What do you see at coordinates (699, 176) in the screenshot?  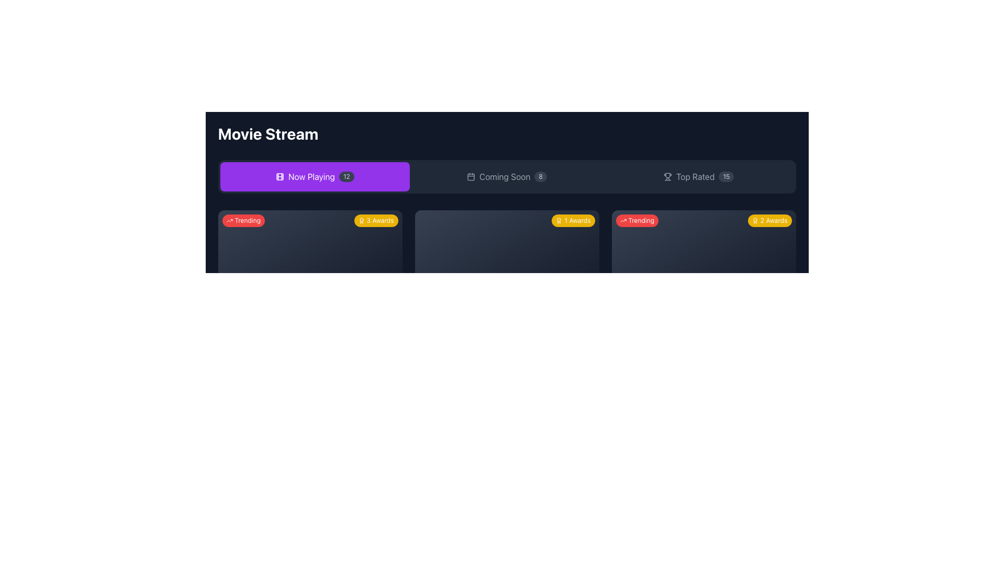 I see `the 'Top Rated' button with badge and icon, which is the rightmost button in a horizontal group of three navigation elements` at bounding box center [699, 176].